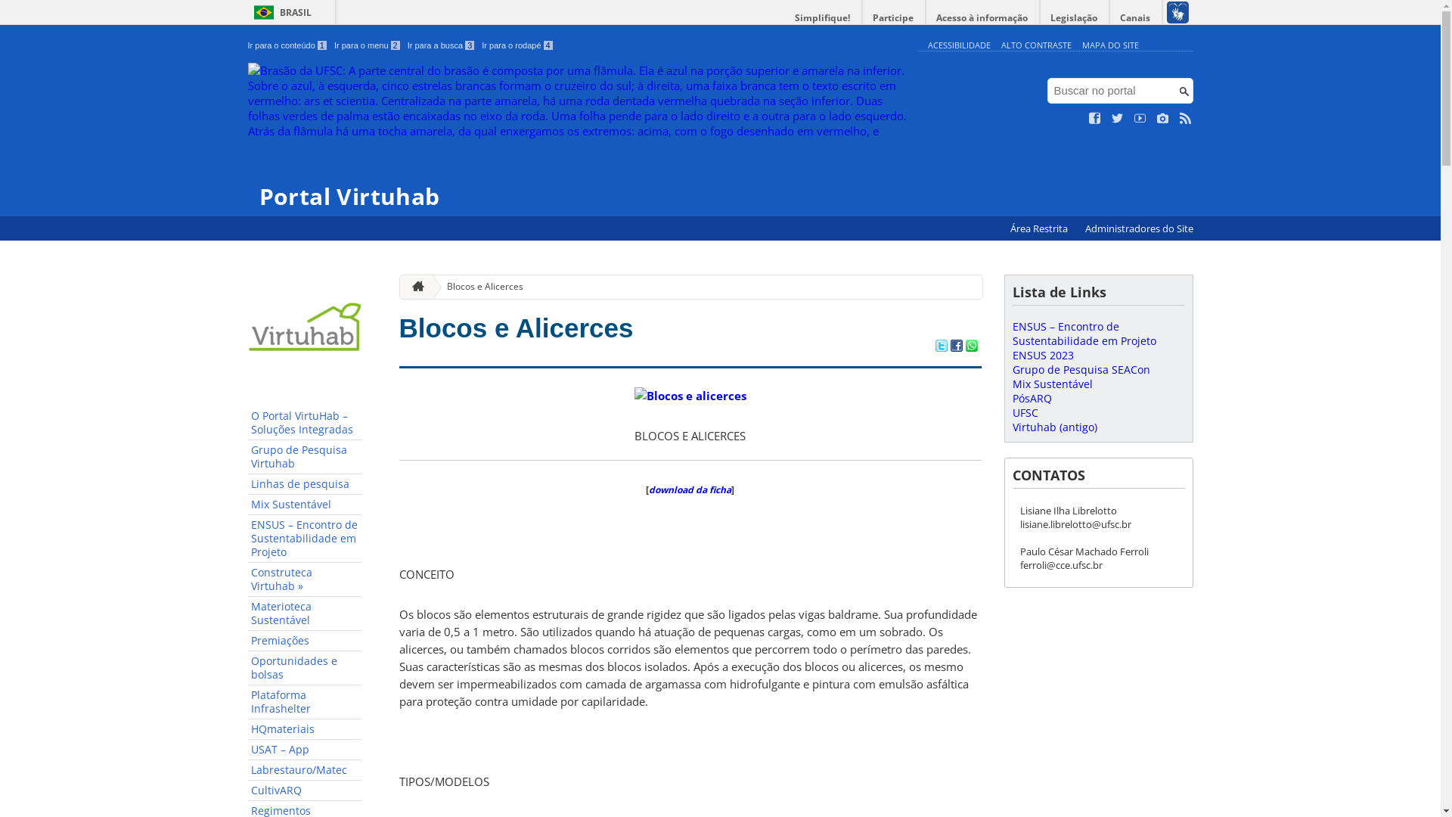 The image size is (1452, 817). I want to click on 'Curta no Facebook', so click(1095, 118).